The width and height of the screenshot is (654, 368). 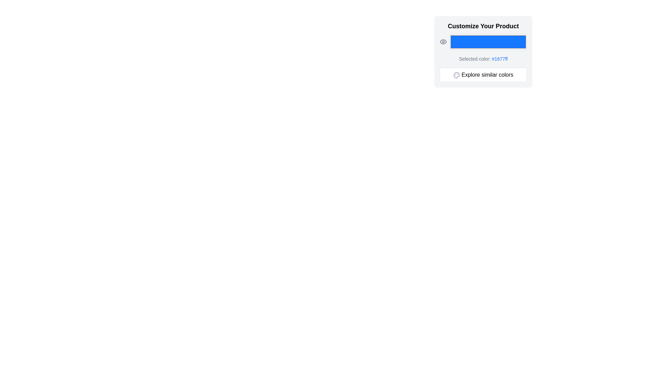 What do you see at coordinates (483, 42) in the screenshot?
I see `the Color input field that visually represents the chosen color (#1677FF) located below 'Customize Your Product' and above 'Selected color: #1677ff'` at bounding box center [483, 42].